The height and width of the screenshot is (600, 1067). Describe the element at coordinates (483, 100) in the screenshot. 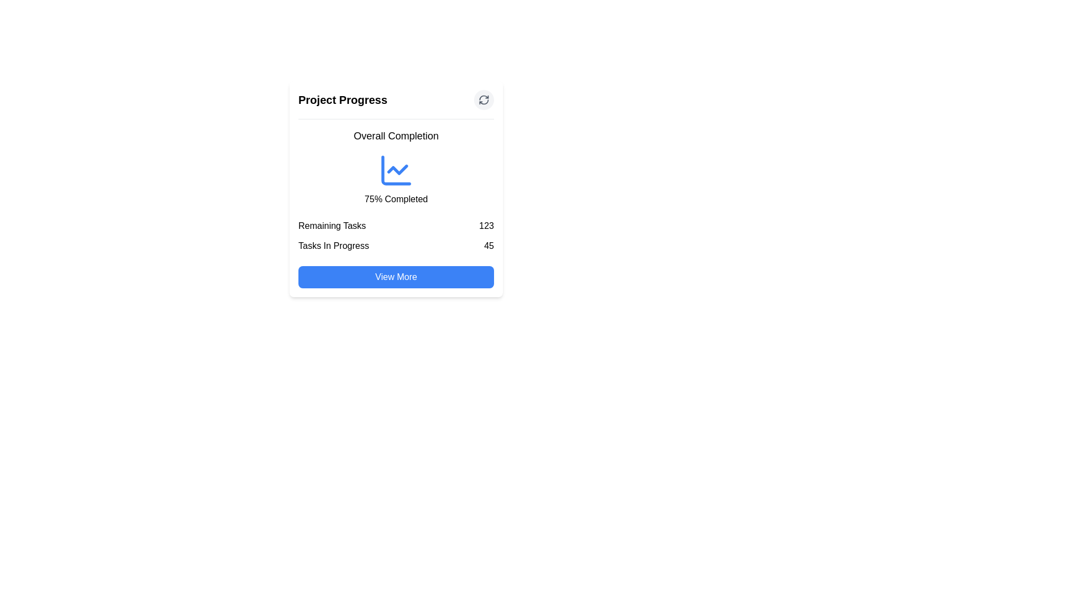

I see `the refresh icon button, represented by two circular arrows in gray, located at the top-right corner of the 'Project Progress' card to refresh the content` at that location.